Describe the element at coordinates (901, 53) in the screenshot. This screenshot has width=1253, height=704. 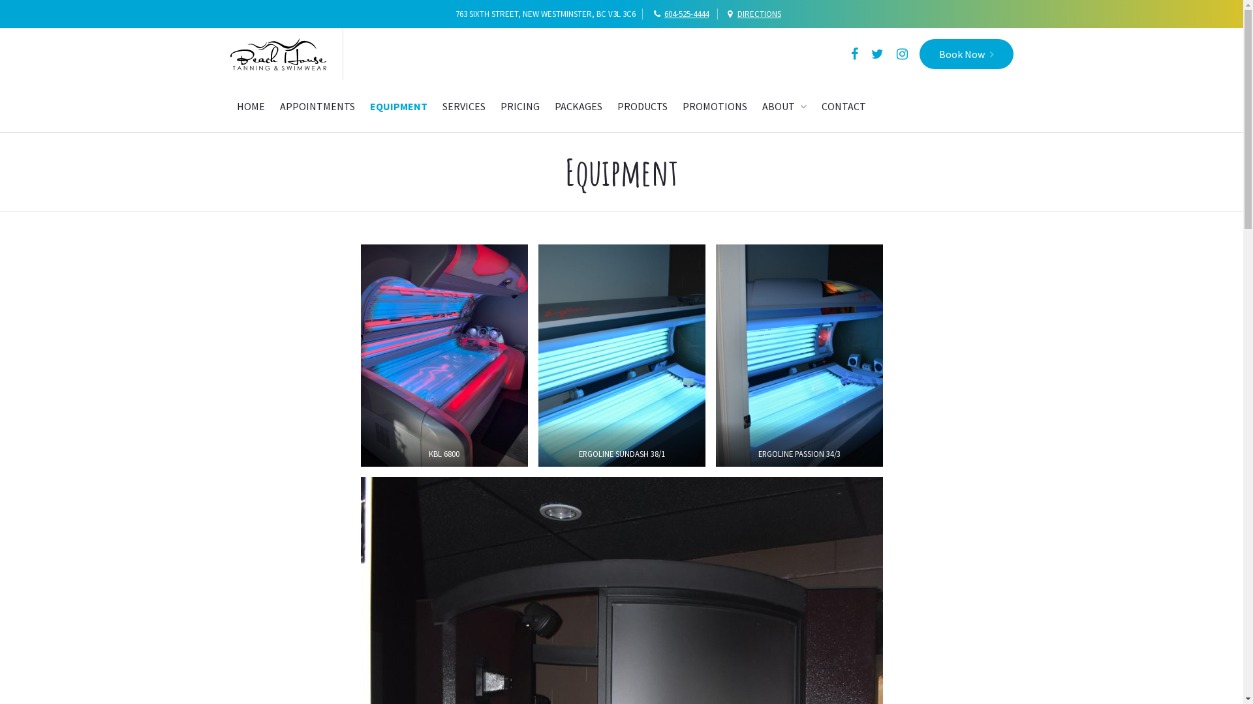
I see `'Instagram'` at that location.